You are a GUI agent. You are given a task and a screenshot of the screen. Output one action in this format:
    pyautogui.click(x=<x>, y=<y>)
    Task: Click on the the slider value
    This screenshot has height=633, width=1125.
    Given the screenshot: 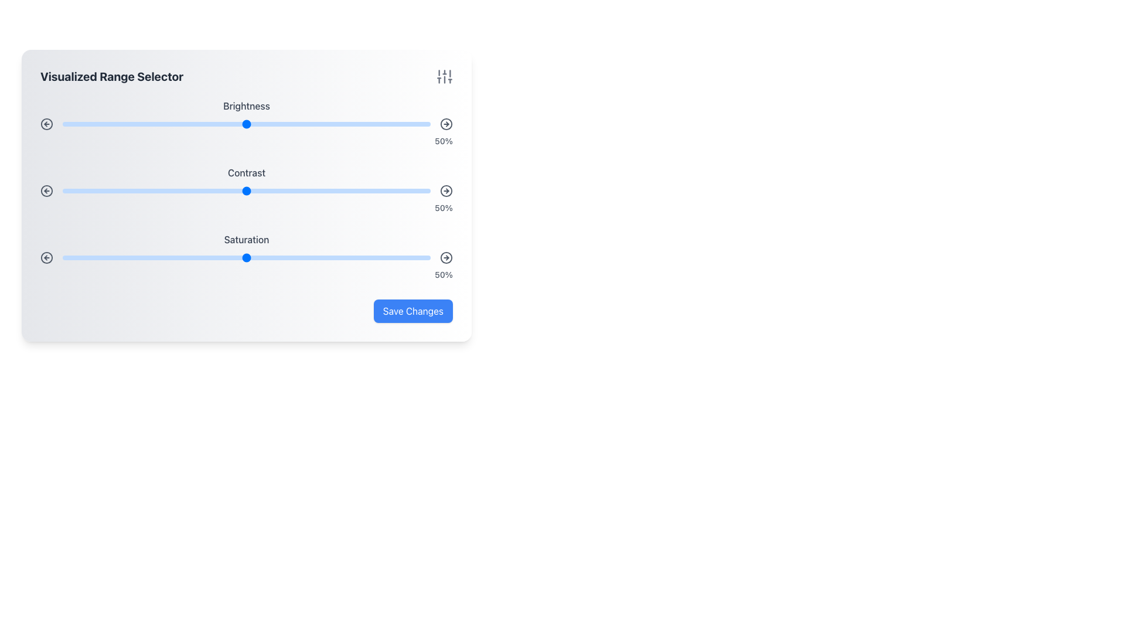 What is the action you would take?
    pyautogui.click(x=250, y=190)
    